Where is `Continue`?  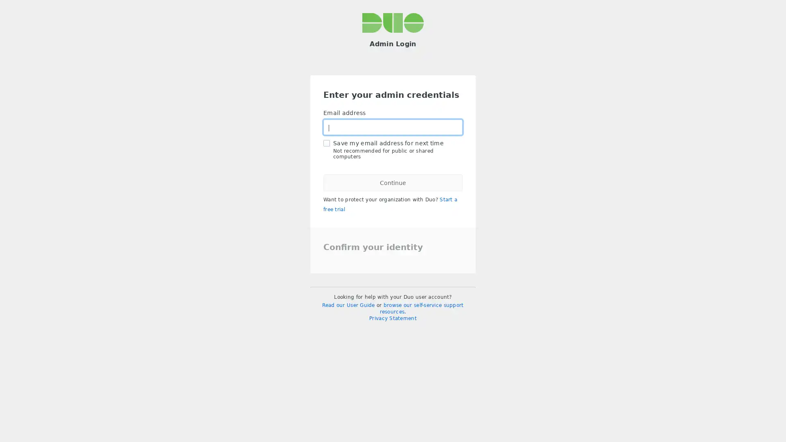
Continue is located at coordinates (393, 183).